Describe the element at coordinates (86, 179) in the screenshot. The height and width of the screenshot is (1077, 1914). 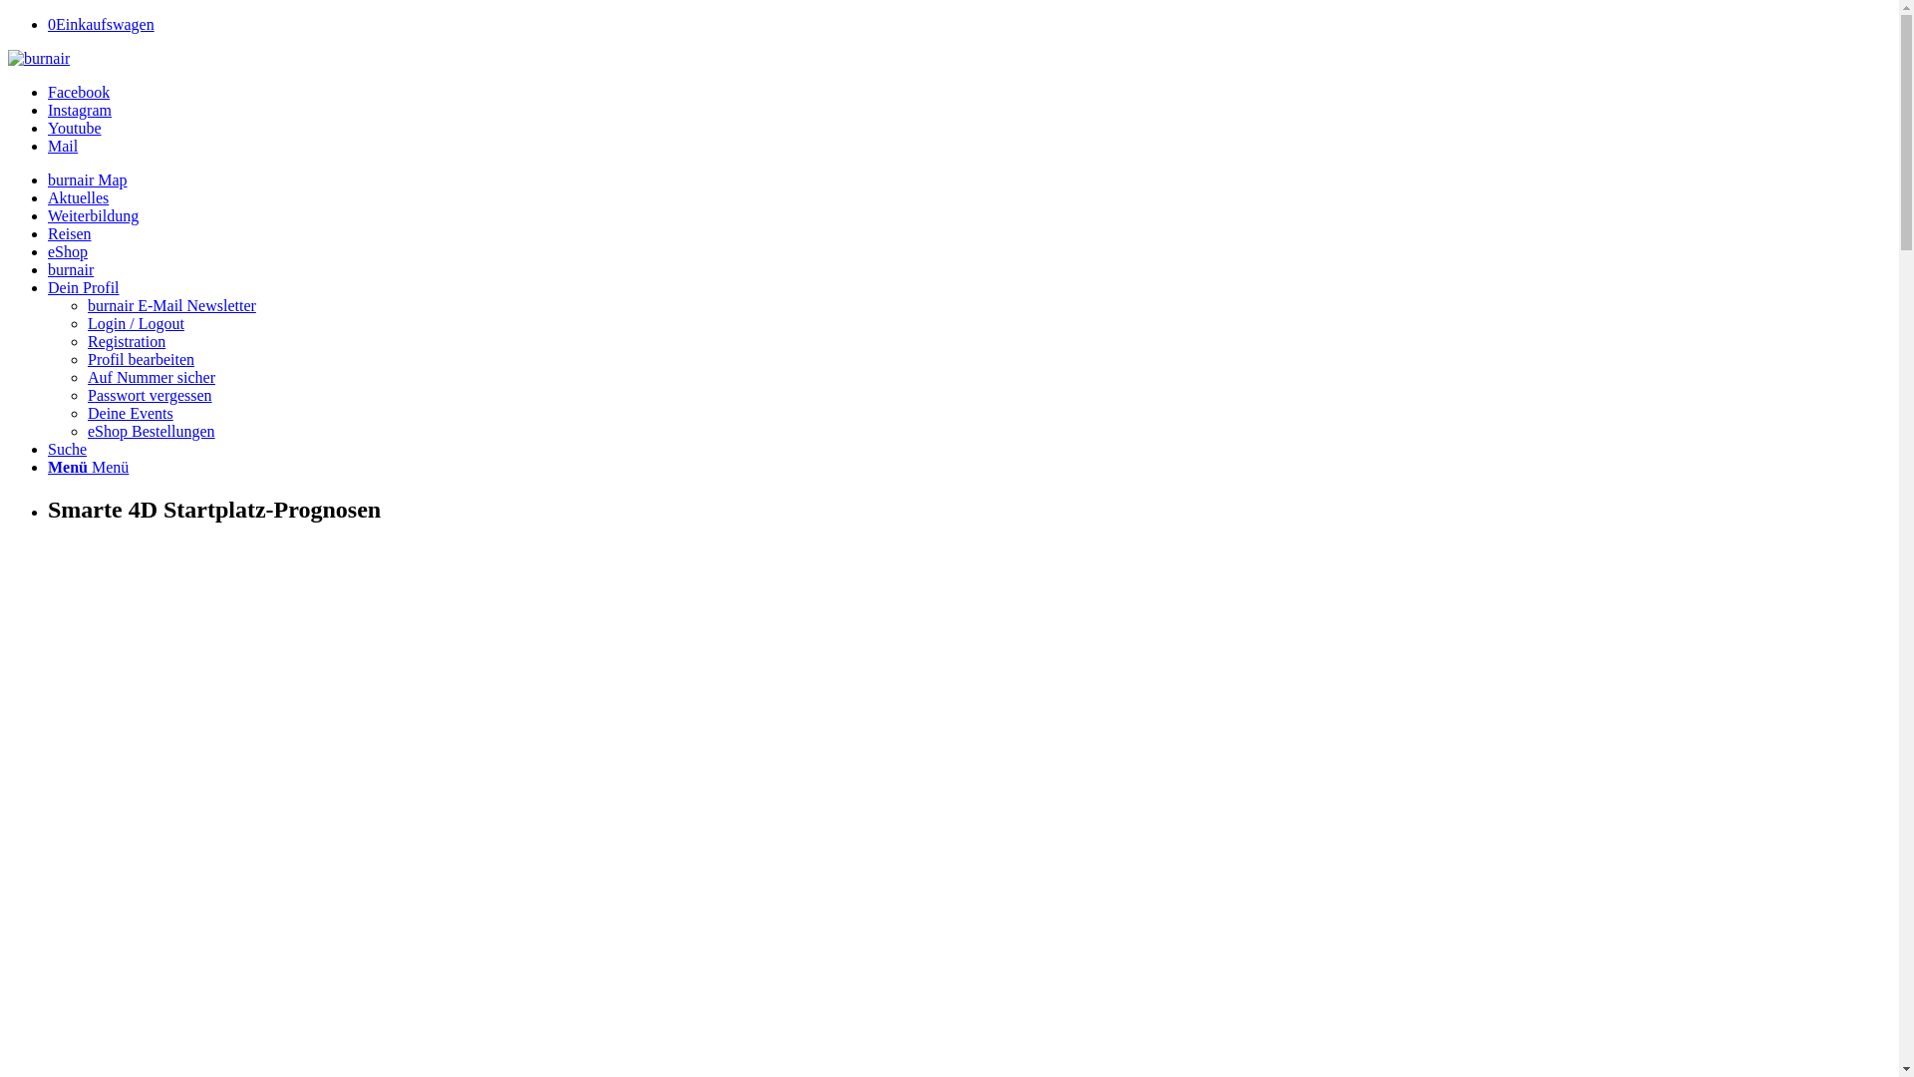
I see `'burnair Map'` at that location.